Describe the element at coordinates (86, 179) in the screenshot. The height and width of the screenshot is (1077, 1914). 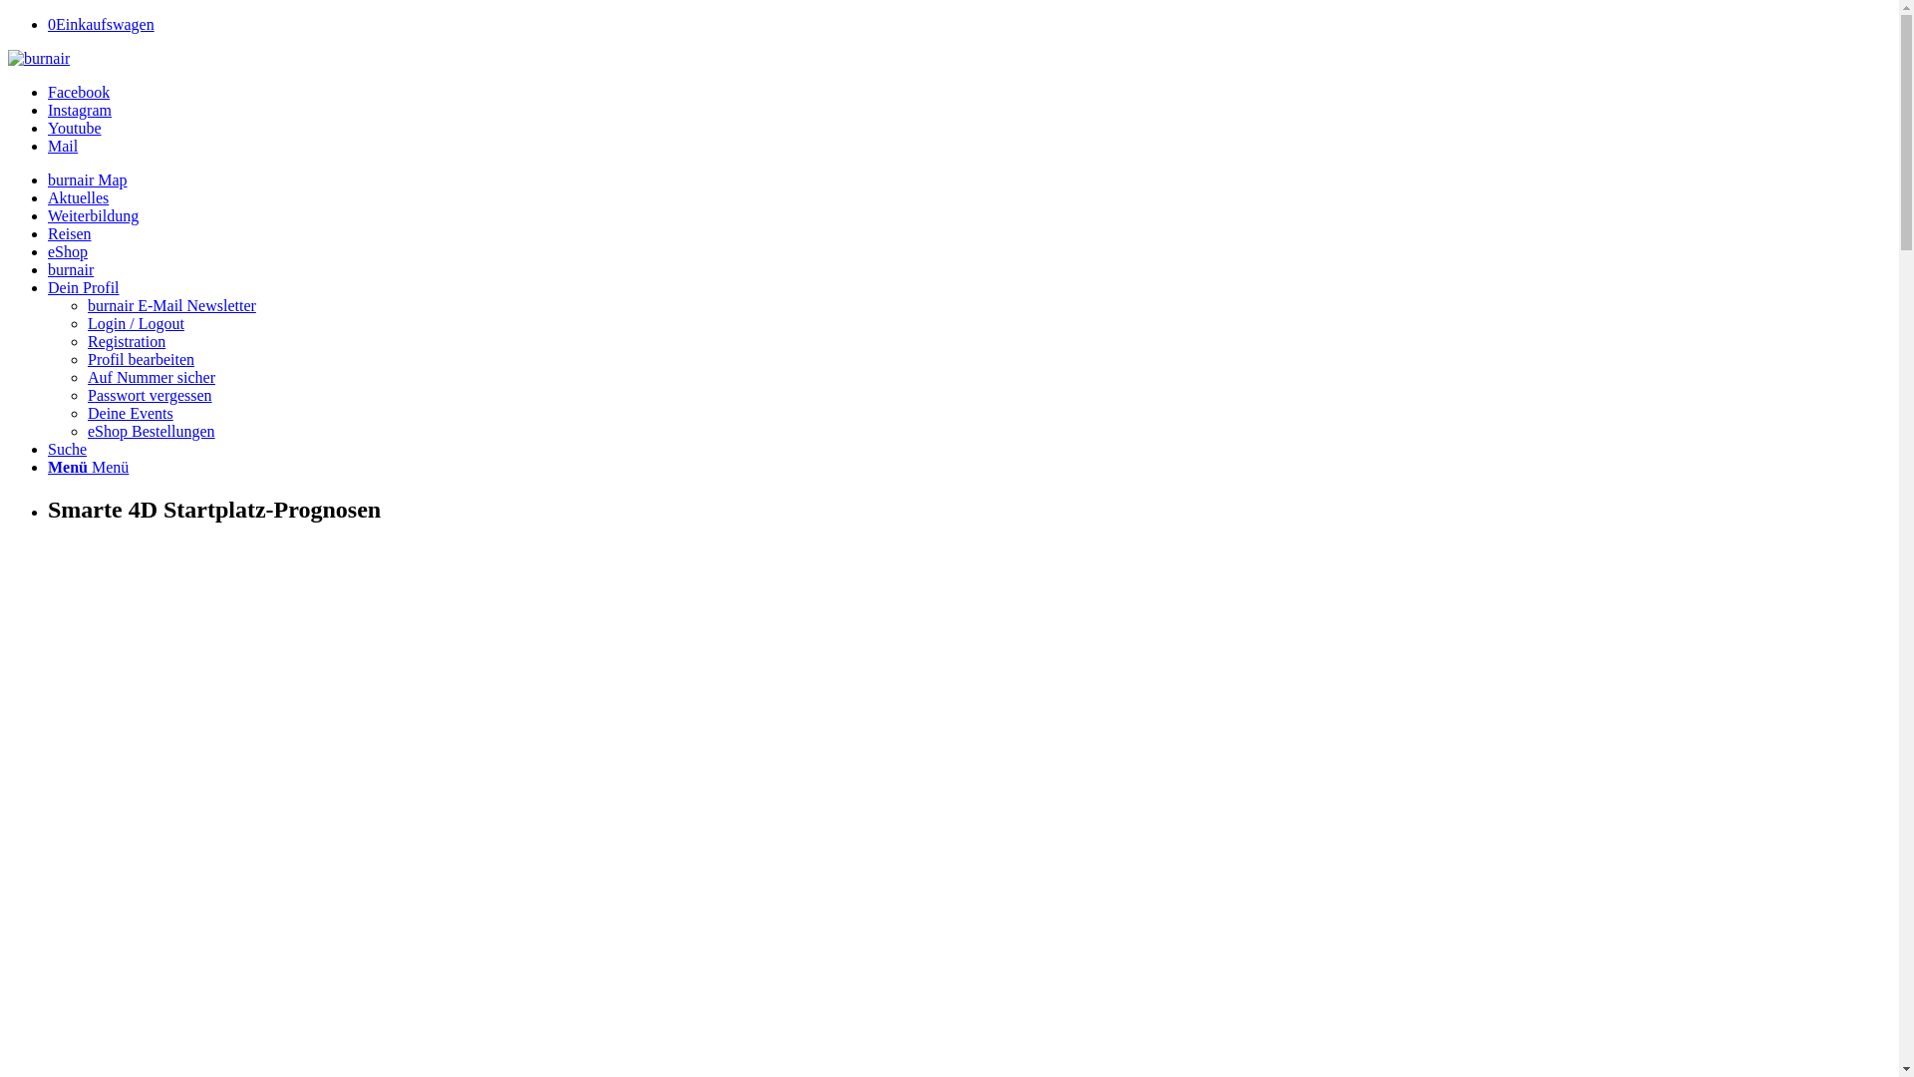
I see `'burnair Map'` at that location.